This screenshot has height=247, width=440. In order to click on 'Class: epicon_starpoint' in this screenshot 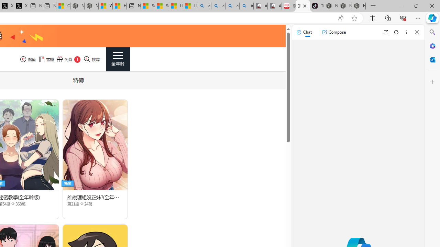, I will do `click(81, 203)`.